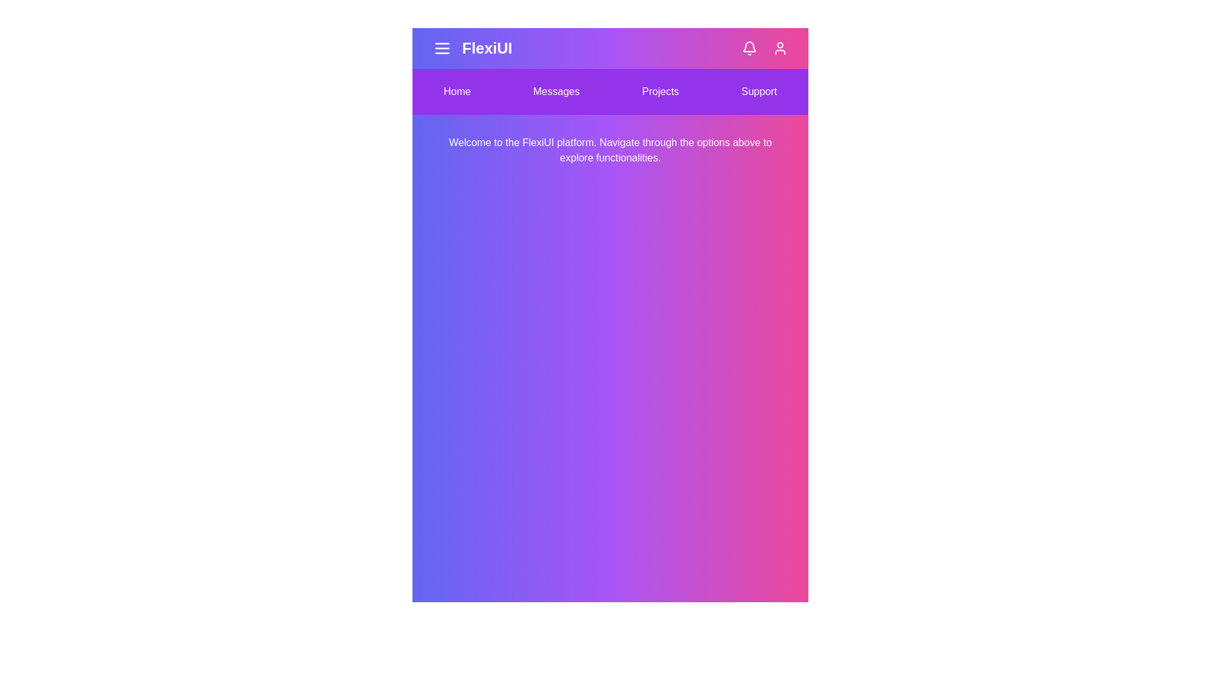  What do you see at coordinates (780, 48) in the screenshot?
I see `the user icon to access user account settings` at bounding box center [780, 48].